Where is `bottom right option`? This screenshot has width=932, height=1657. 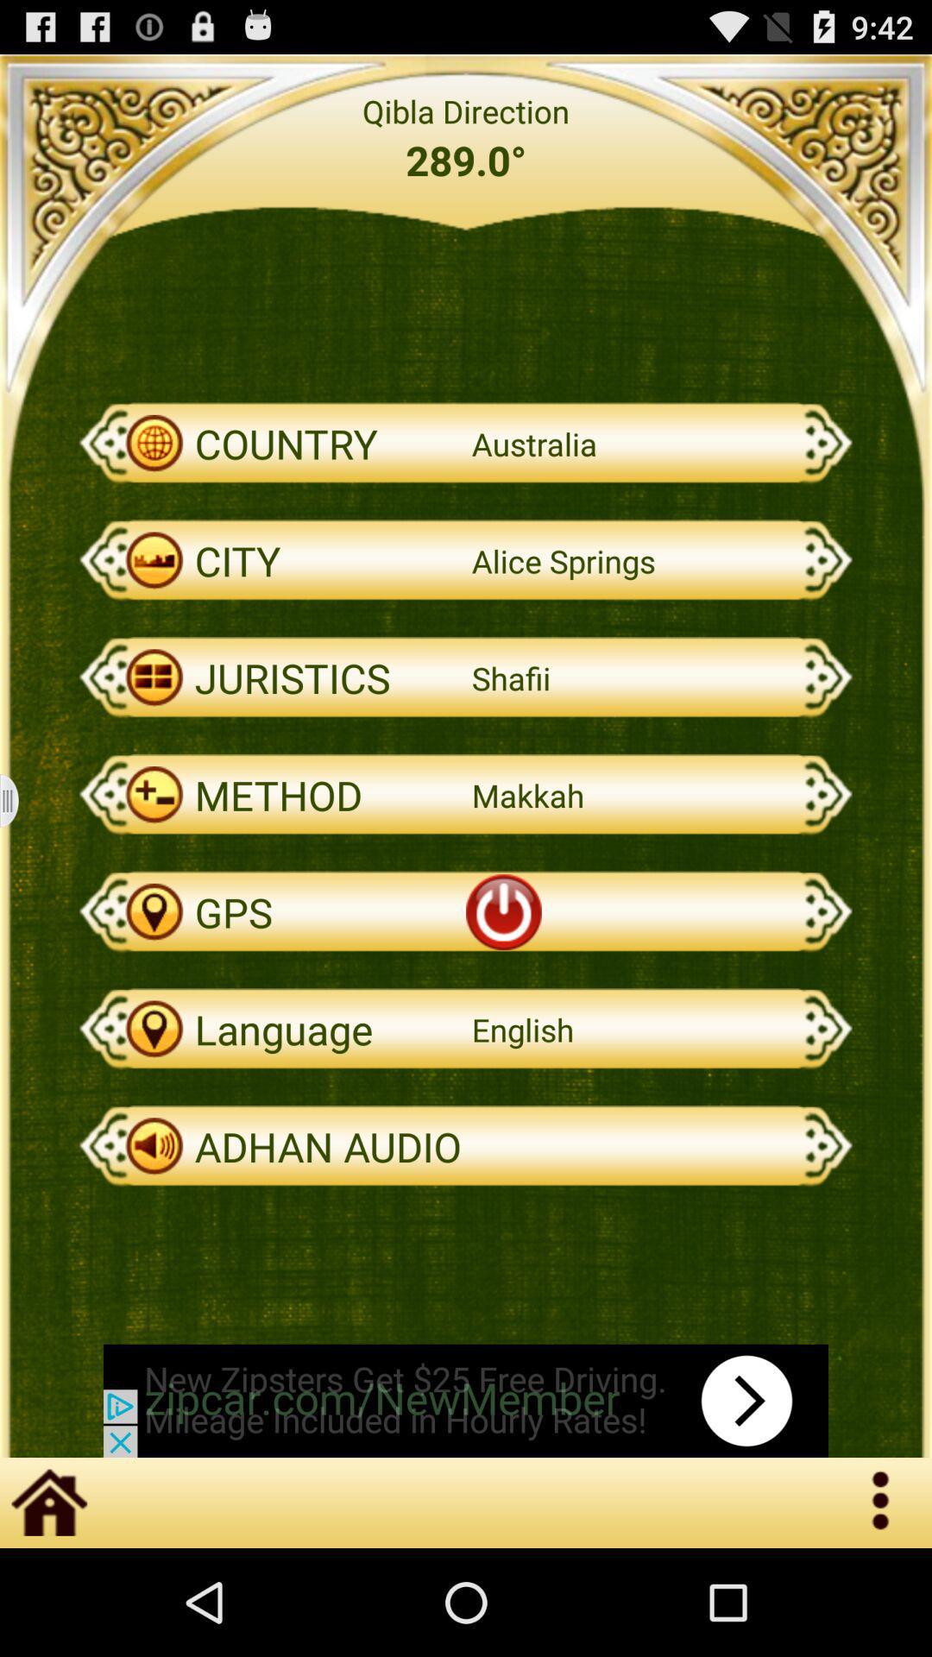 bottom right option is located at coordinates (882, 1502).